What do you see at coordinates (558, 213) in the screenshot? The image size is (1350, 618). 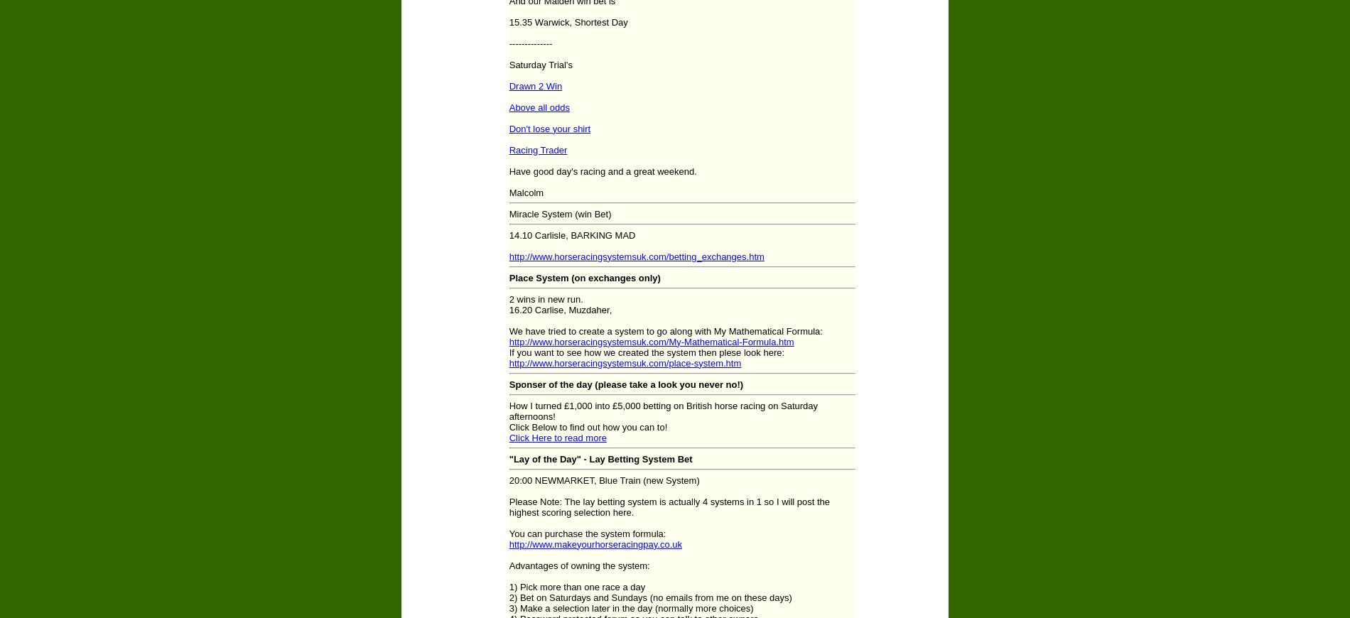 I see `'Miracle System (win Bet)'` at bounding box center [558, 213].